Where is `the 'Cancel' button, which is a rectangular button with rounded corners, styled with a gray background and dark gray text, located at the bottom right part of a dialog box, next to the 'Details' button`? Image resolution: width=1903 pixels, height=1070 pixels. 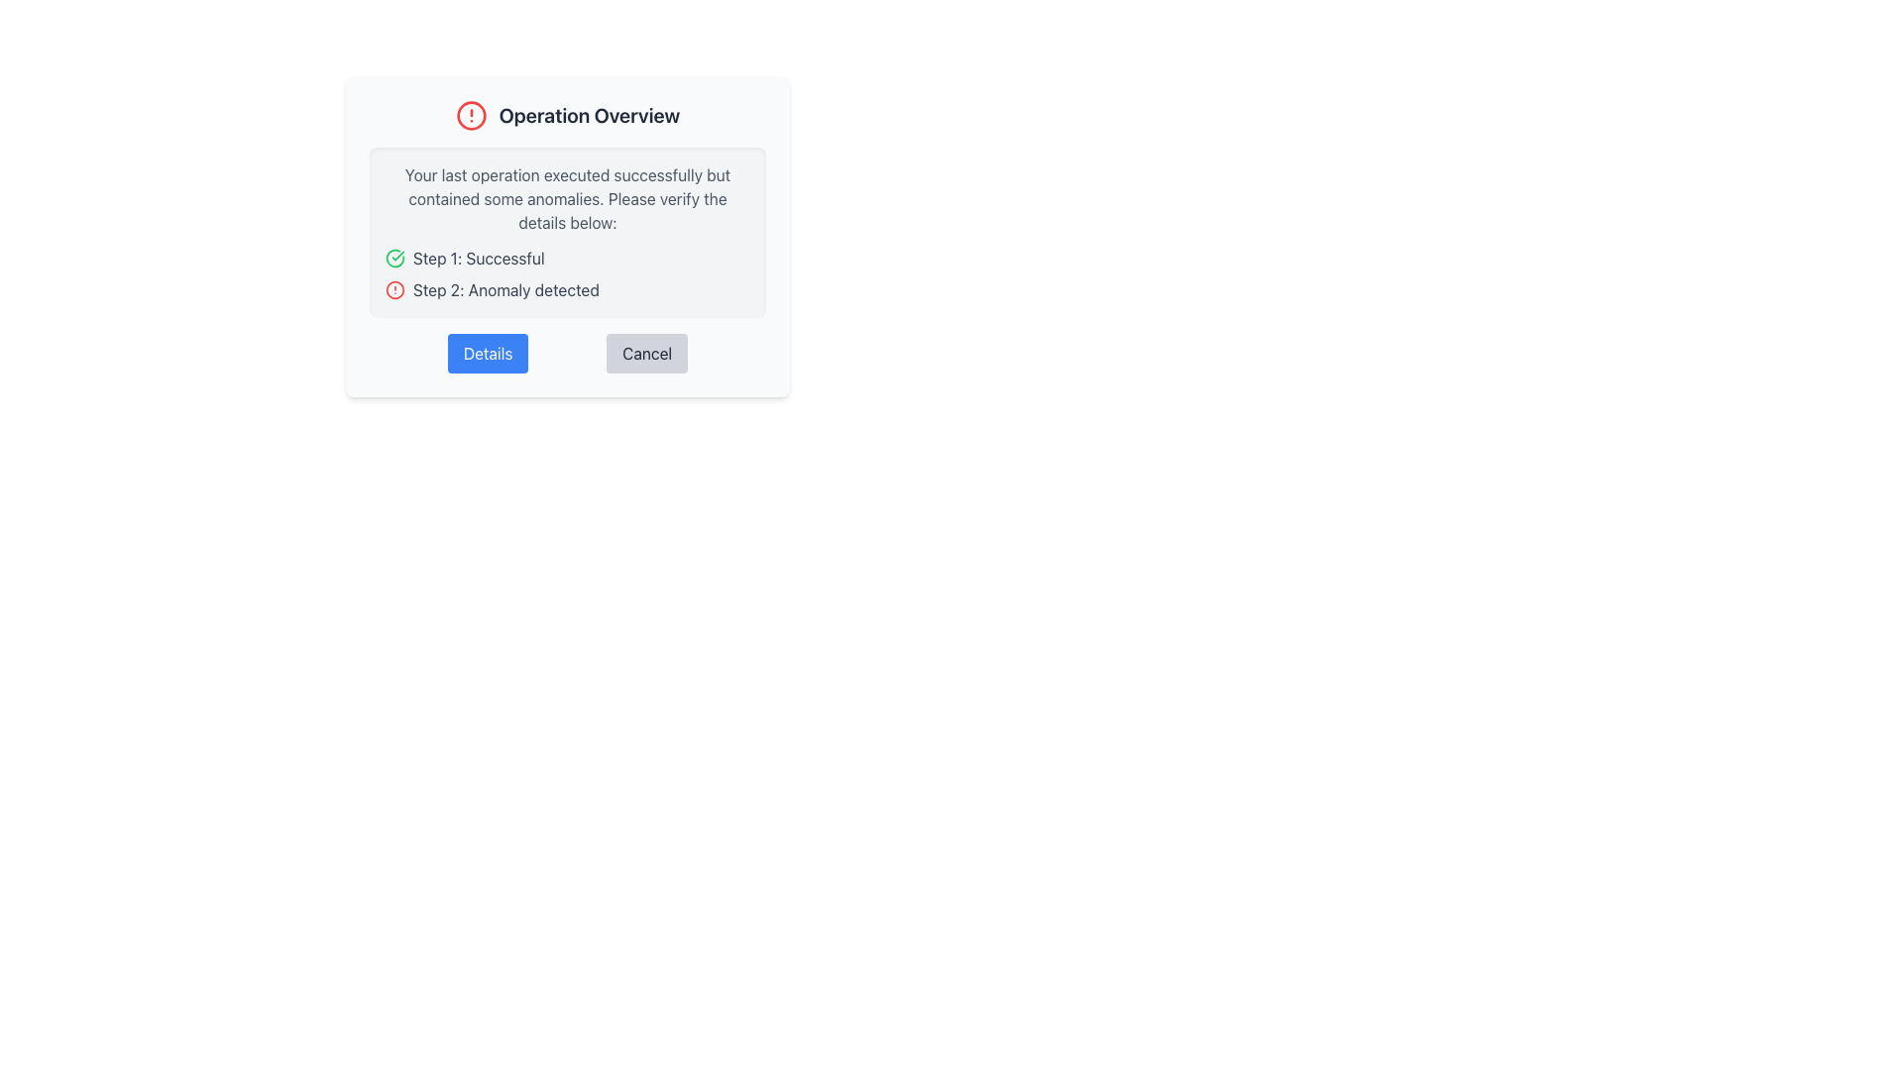 the 'Cancel' button, which is a rectangular button with rounded corners, styled with a gray background and dark gray text, located at the bottom right part of a dialog box, next to the 'Details' button is located at coordinates (647, 353).